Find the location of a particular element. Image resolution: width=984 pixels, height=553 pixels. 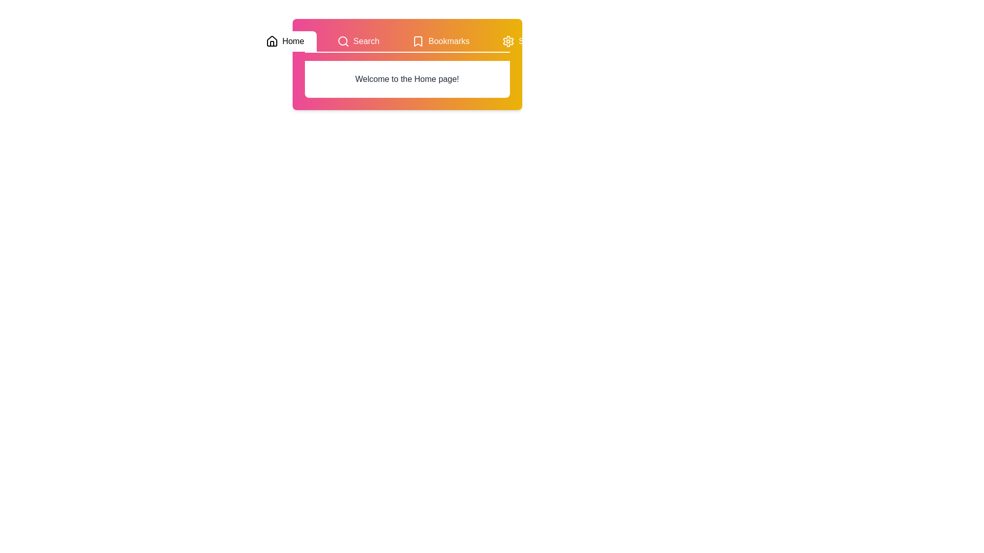

the tab labeled Bookmarks to preview its highlight effect is located at coordinates (441, 41).